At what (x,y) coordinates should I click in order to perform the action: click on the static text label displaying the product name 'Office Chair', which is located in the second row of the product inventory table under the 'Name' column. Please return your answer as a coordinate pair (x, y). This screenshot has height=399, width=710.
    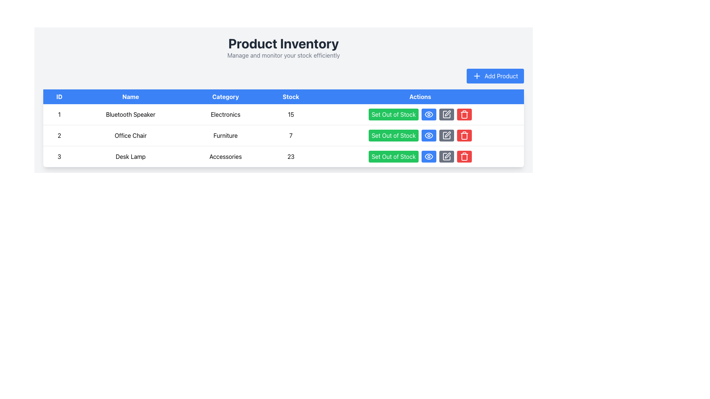
    Looking at the image, I should click on (131, 135).